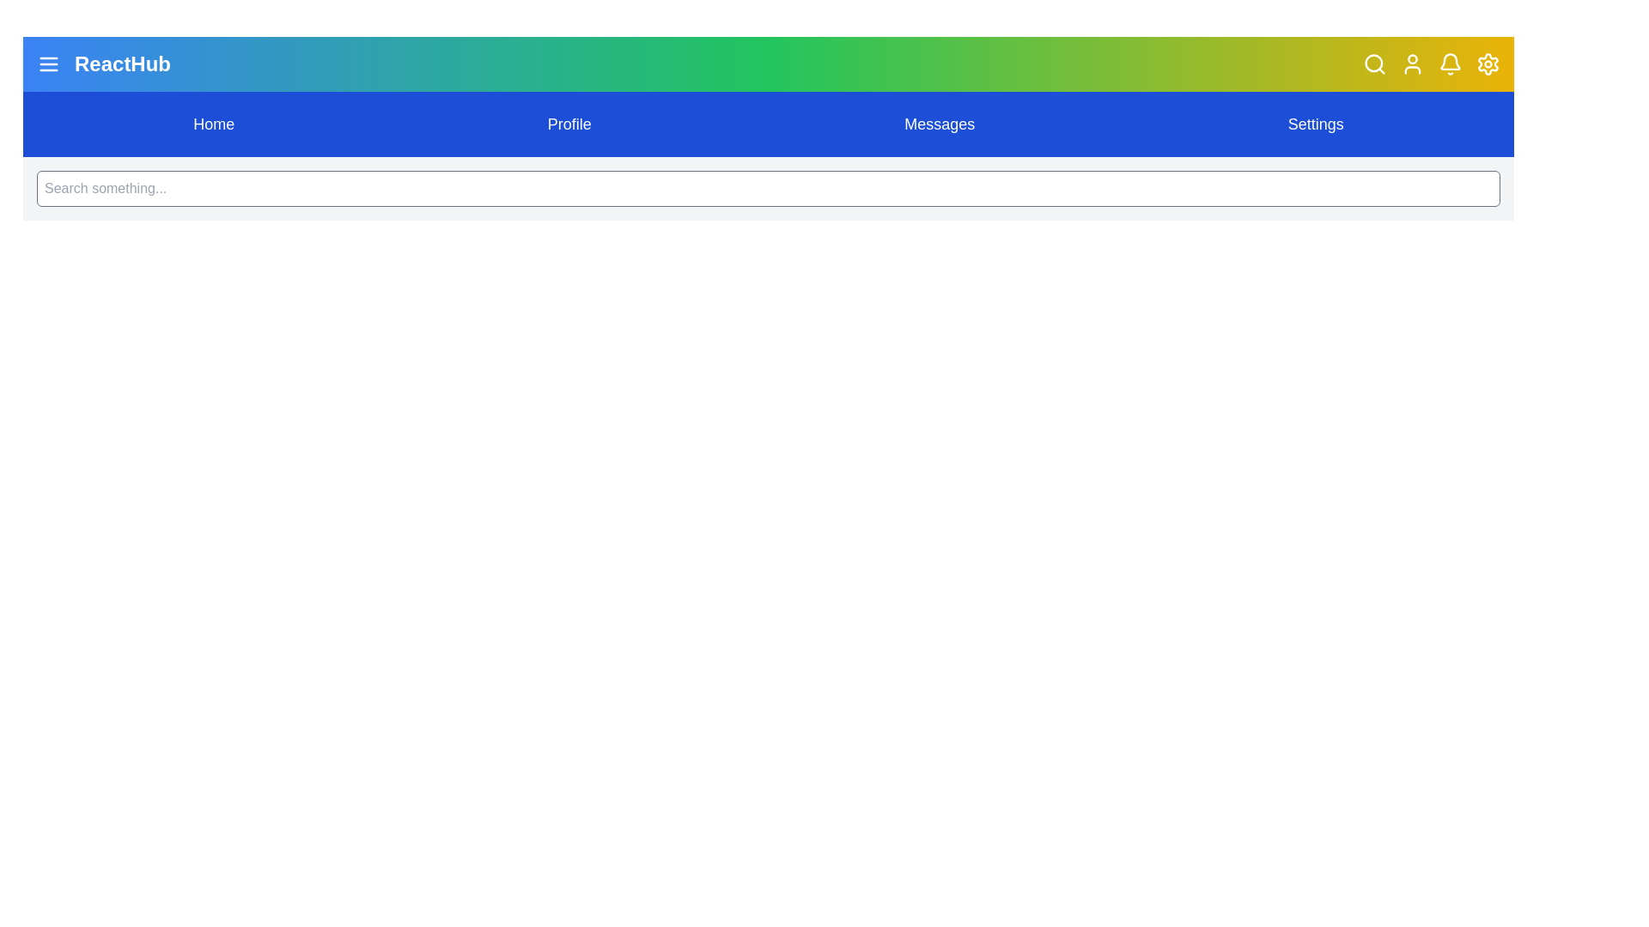 The image size is (1649, 927). Describe the element at coordinates (1413, 63) in the screenshot. I see `the user profile button` at that location.